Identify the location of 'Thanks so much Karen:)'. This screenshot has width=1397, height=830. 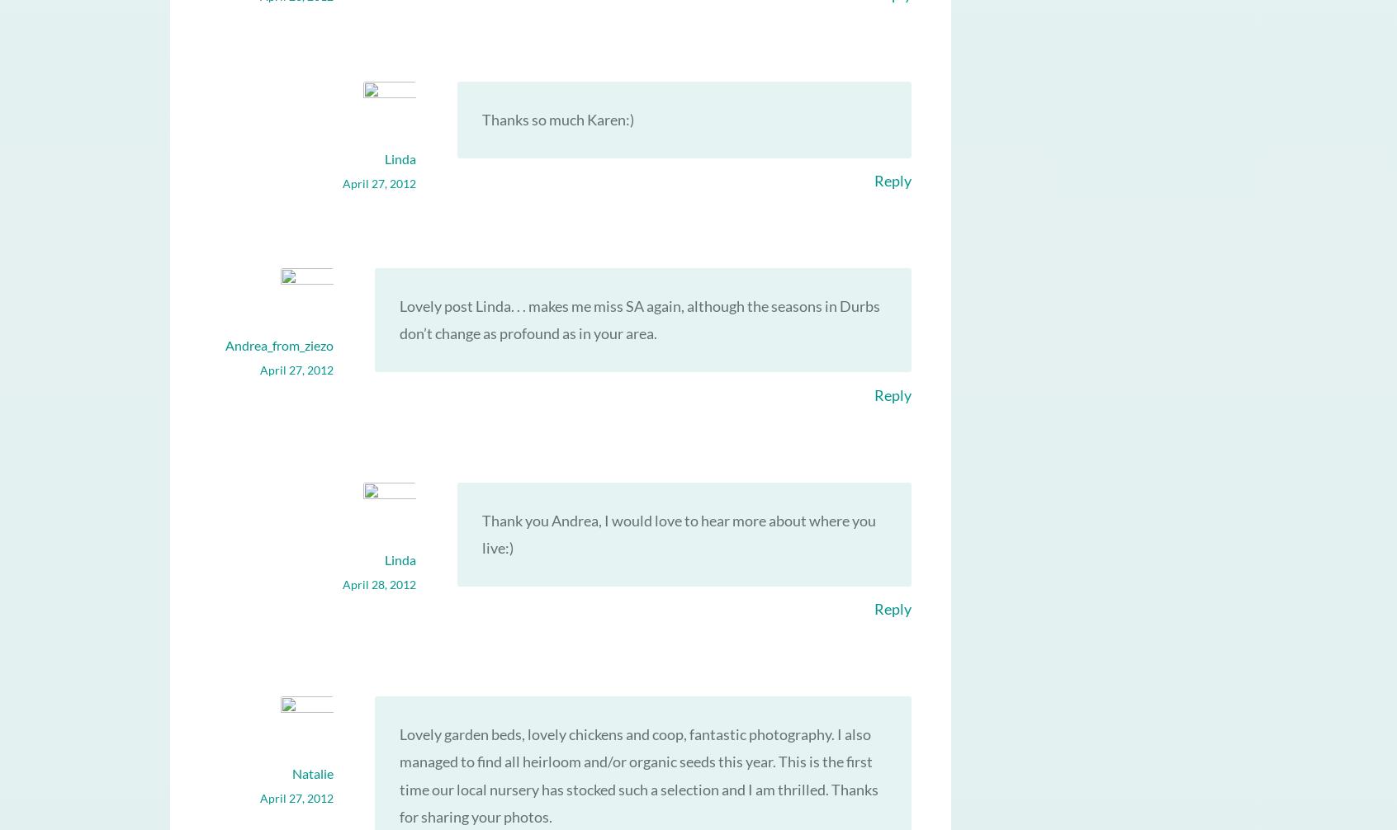
(556, 118).